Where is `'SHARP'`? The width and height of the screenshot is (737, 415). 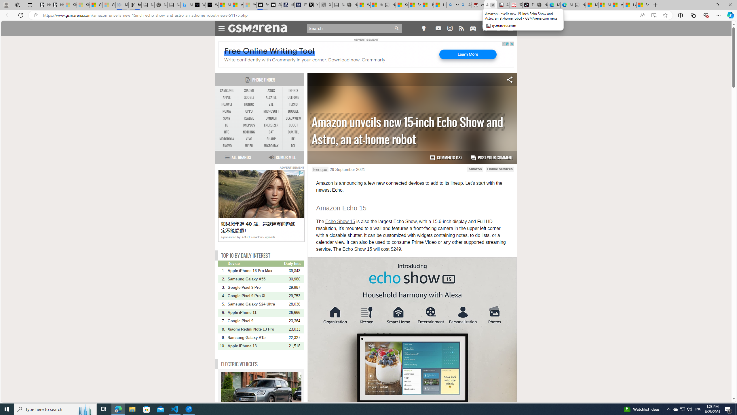
'SHARP' is located at coordinates (271, 139).